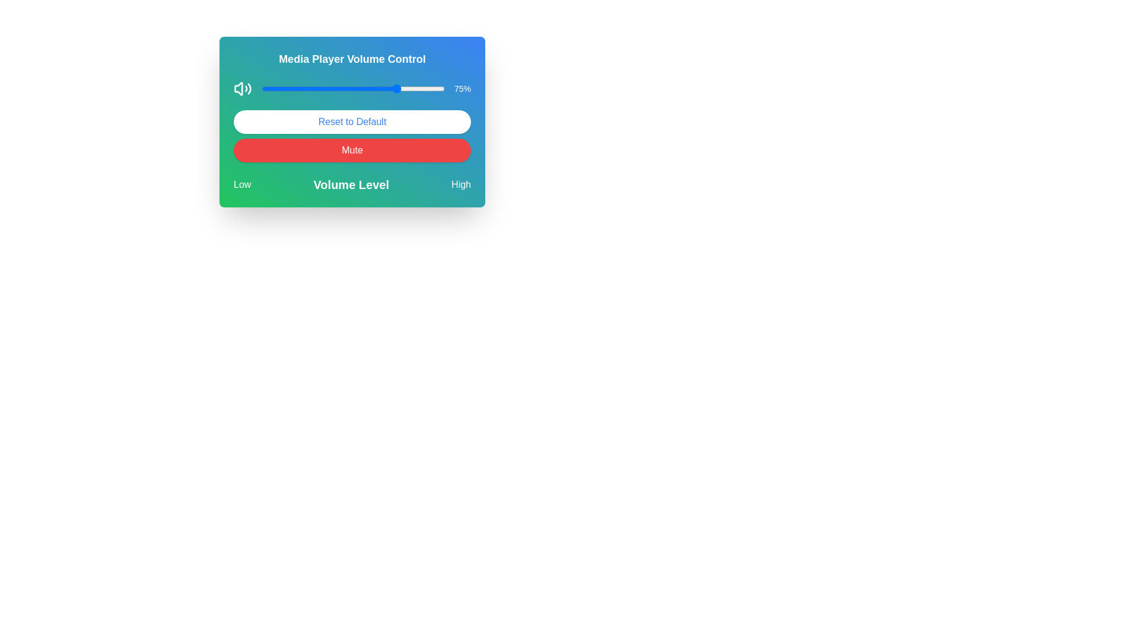 The image size is (1139, 640). I want to click on the 'Volume Level' text label, which is styled in bold white font against a gradient background and positioned centrally between the 'Low' and 'High' labels, so click(351, 185).